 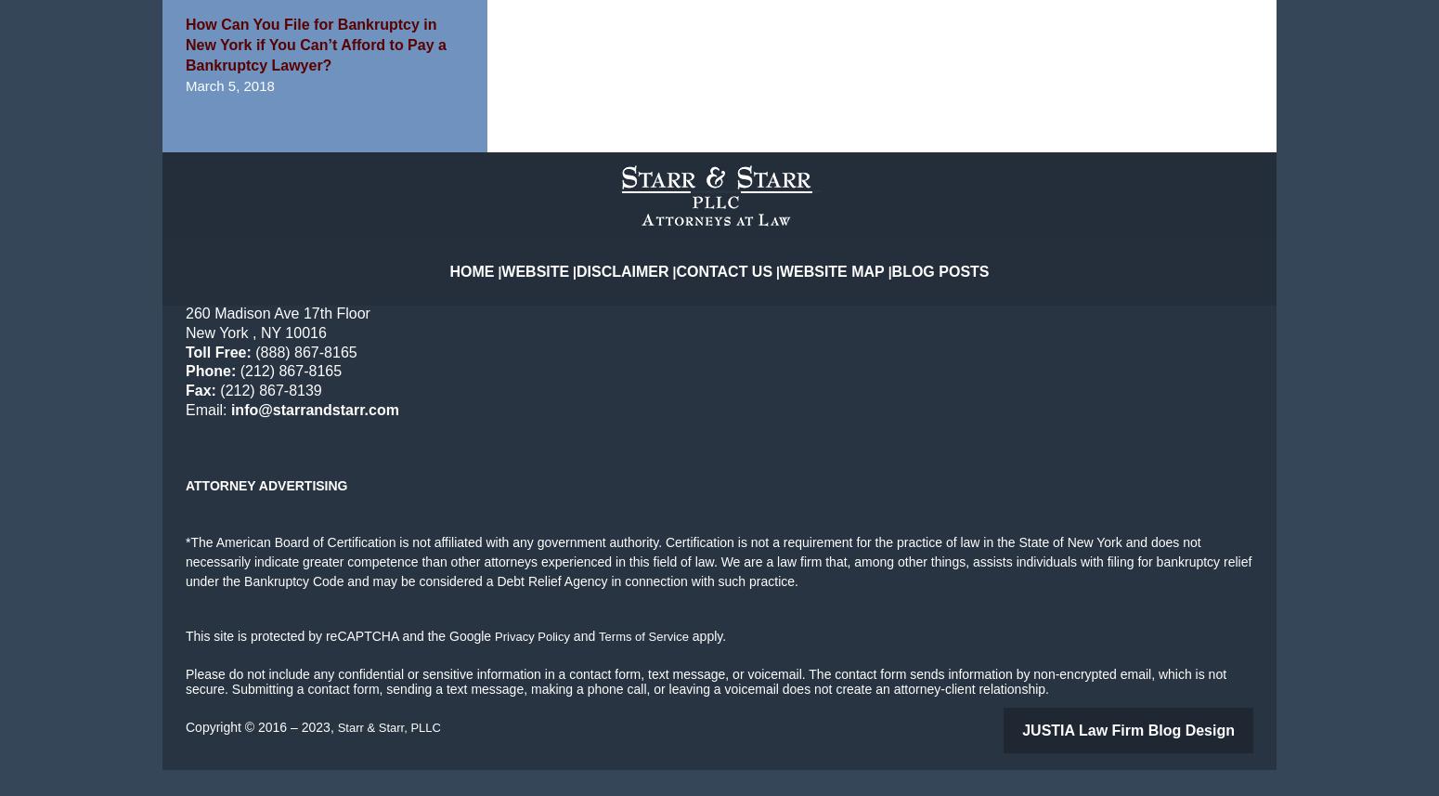 I want to click on '260 Madison Ave', so click(x=244, y=341).